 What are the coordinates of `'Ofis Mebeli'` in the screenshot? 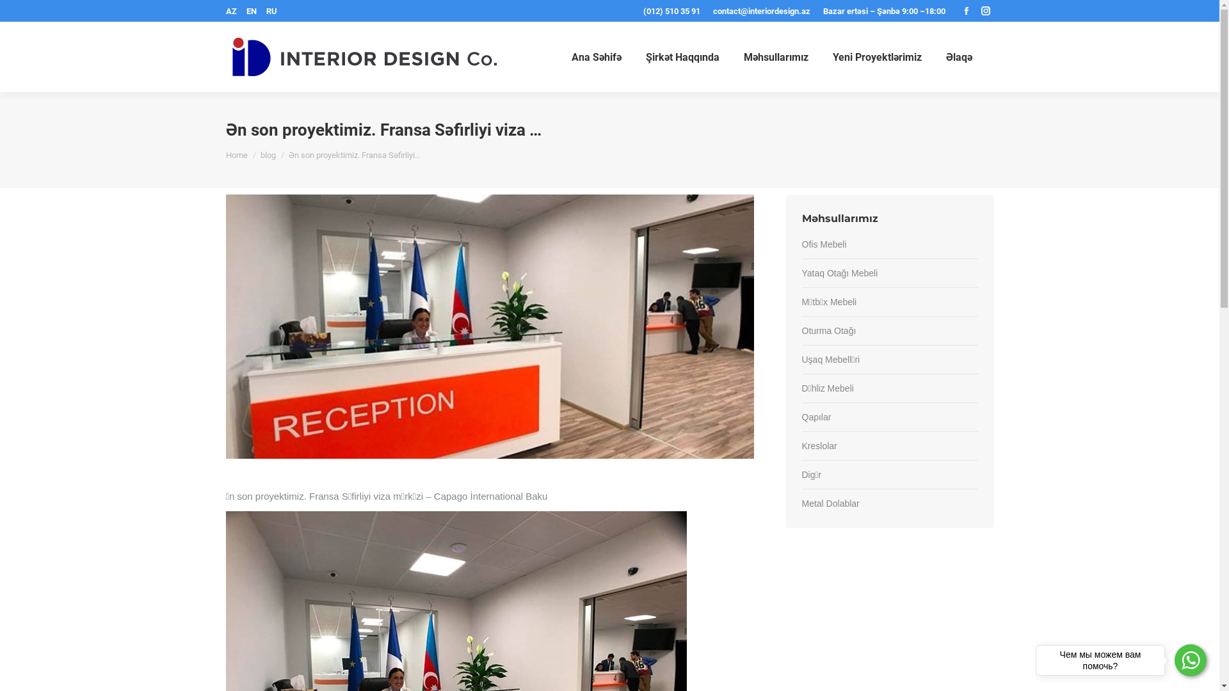 It's located at (801, 244).